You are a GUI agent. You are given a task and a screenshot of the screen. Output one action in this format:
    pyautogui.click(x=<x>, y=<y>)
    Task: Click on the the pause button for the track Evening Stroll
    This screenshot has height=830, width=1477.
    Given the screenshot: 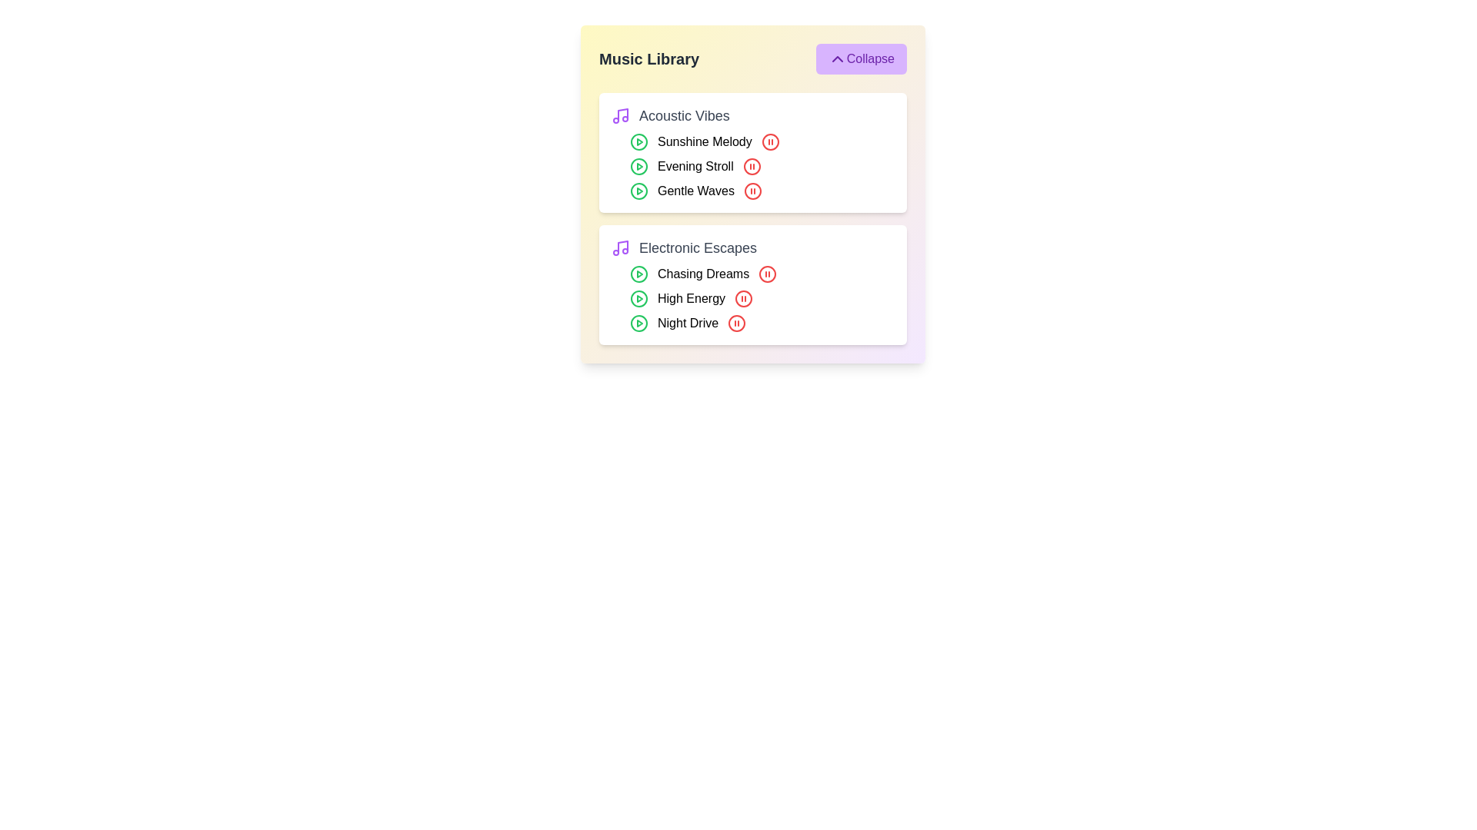 What is the action you would take?
    pyautogui.click(x=752, y=166)
    